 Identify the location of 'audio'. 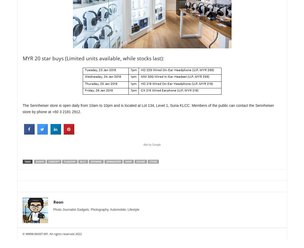
(35, 162).